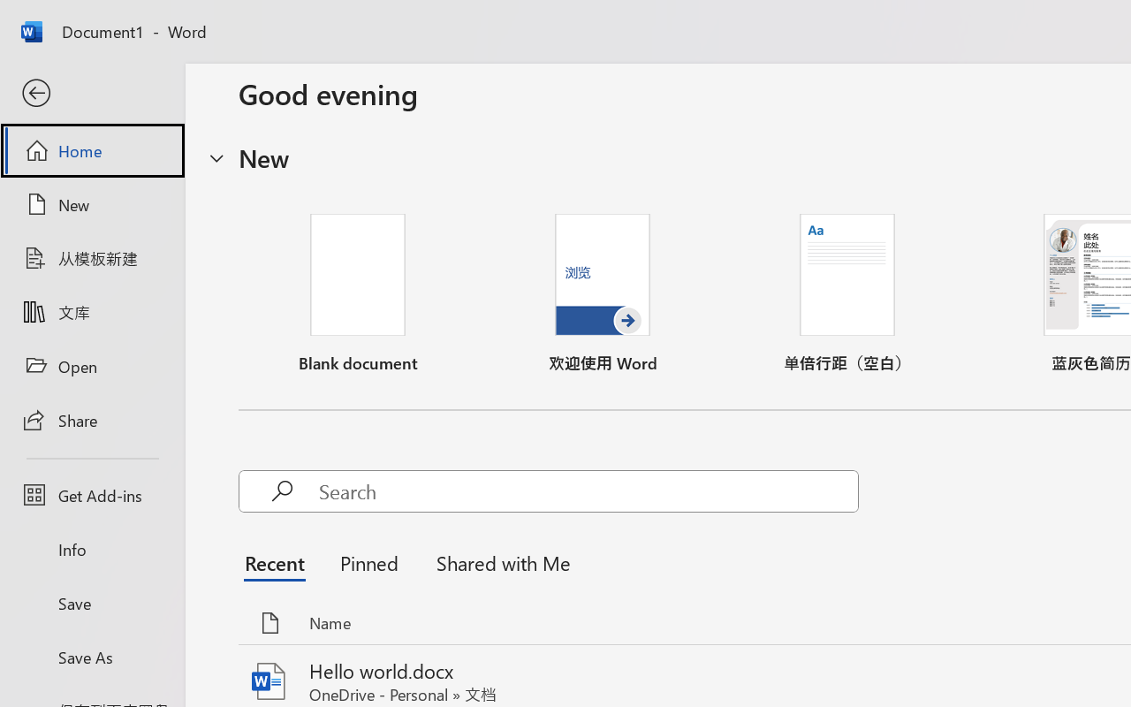 Image resolution: width=1131 pixels, height=707 pixels. What do you see at coordinates (91, 549) in the screenshot?
I see `'Info'` at bounding box center [91, 549].